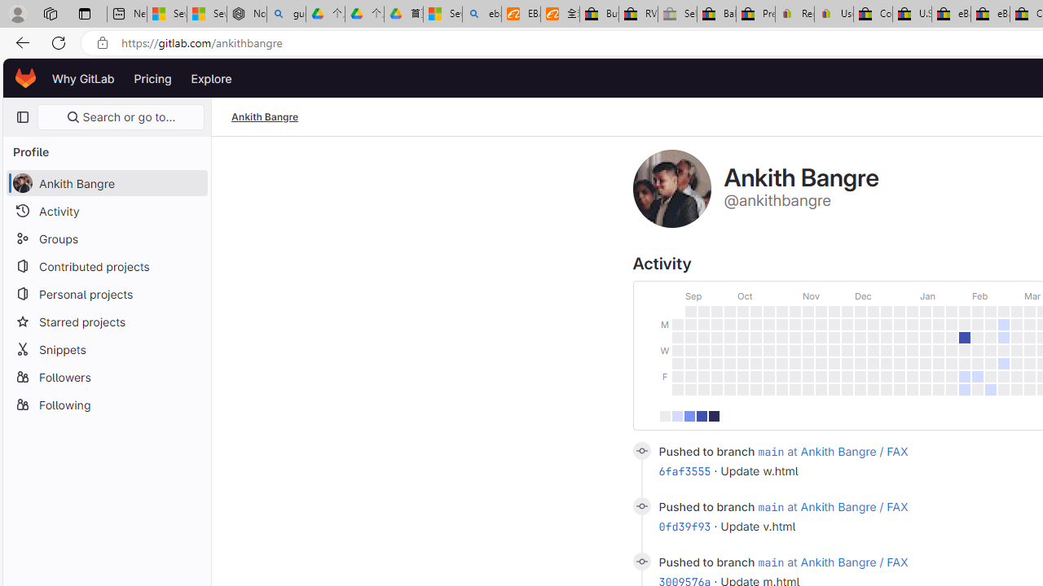  What do you see at coordinates (677, 415) in the screenshot?
I see `'1-9 contributions'` at bounding box center [677, 415].